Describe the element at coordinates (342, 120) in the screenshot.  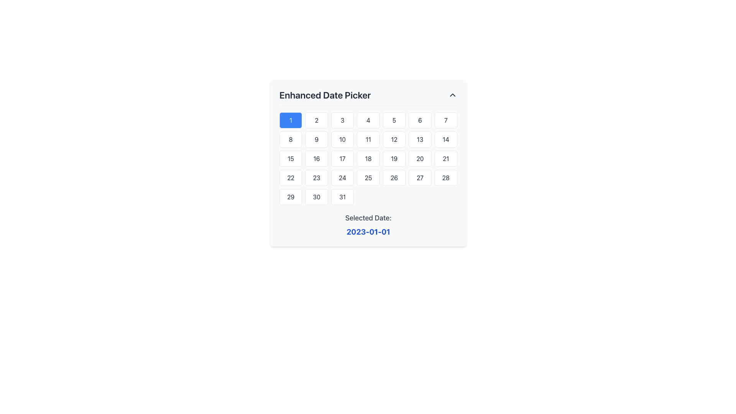
I see `the selectable button for the date represented in the date picker interface, located in the first row, third column of the grid` at that location.